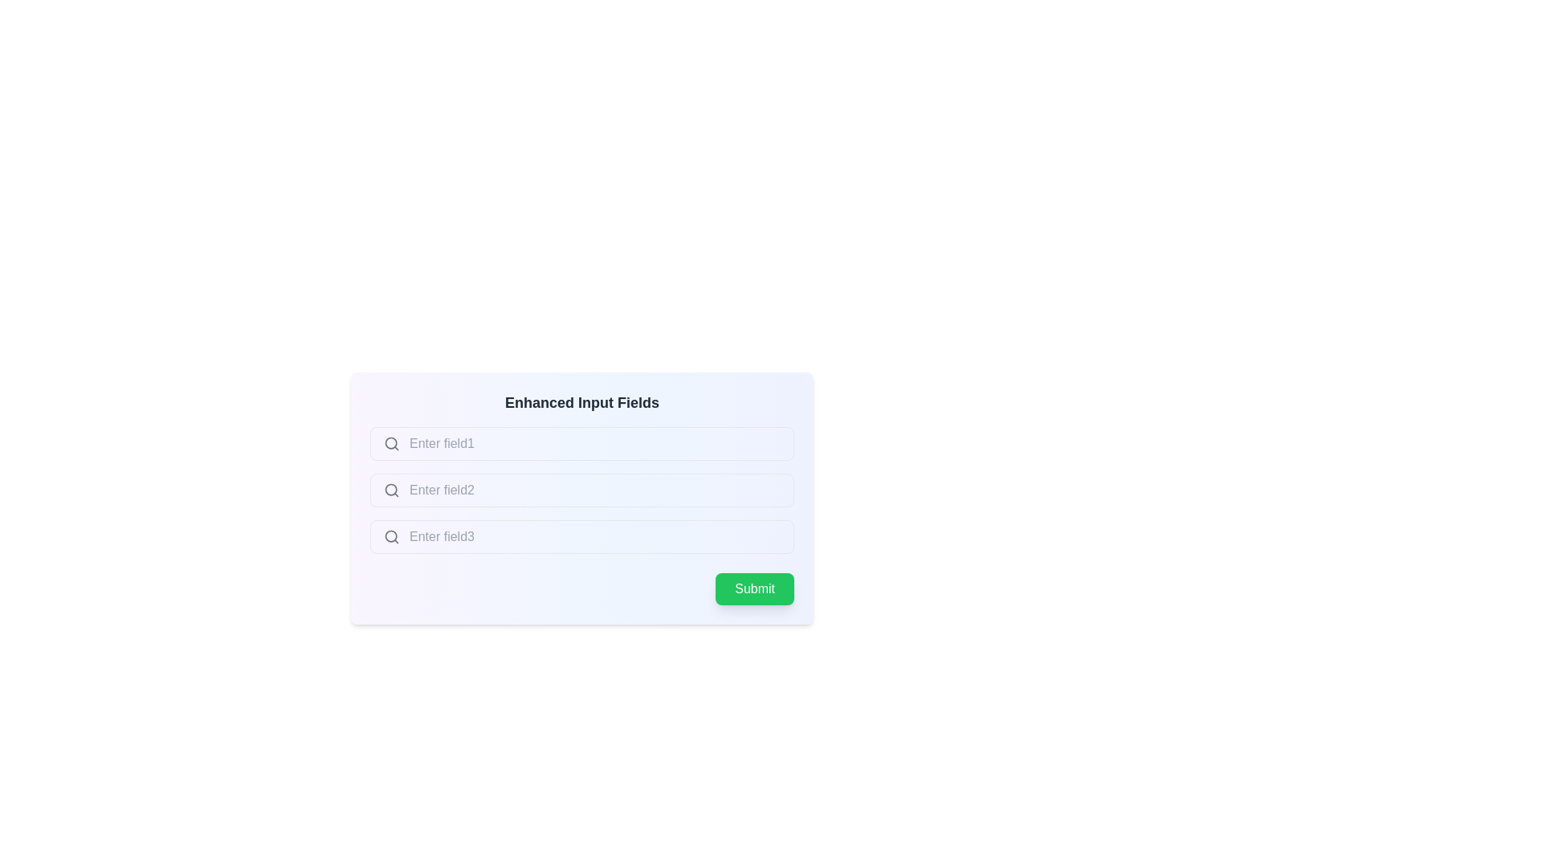 This screenshot has height=867, width=1542. What do you see at coordinates (391, 443) in the screenshot?
I see `the search icon element, which is part of the magnifying glass icon positioned within the first input field's icon to the left of the text box containing the placeholder text 'Enter field1'` at bounding box center [391, 443].